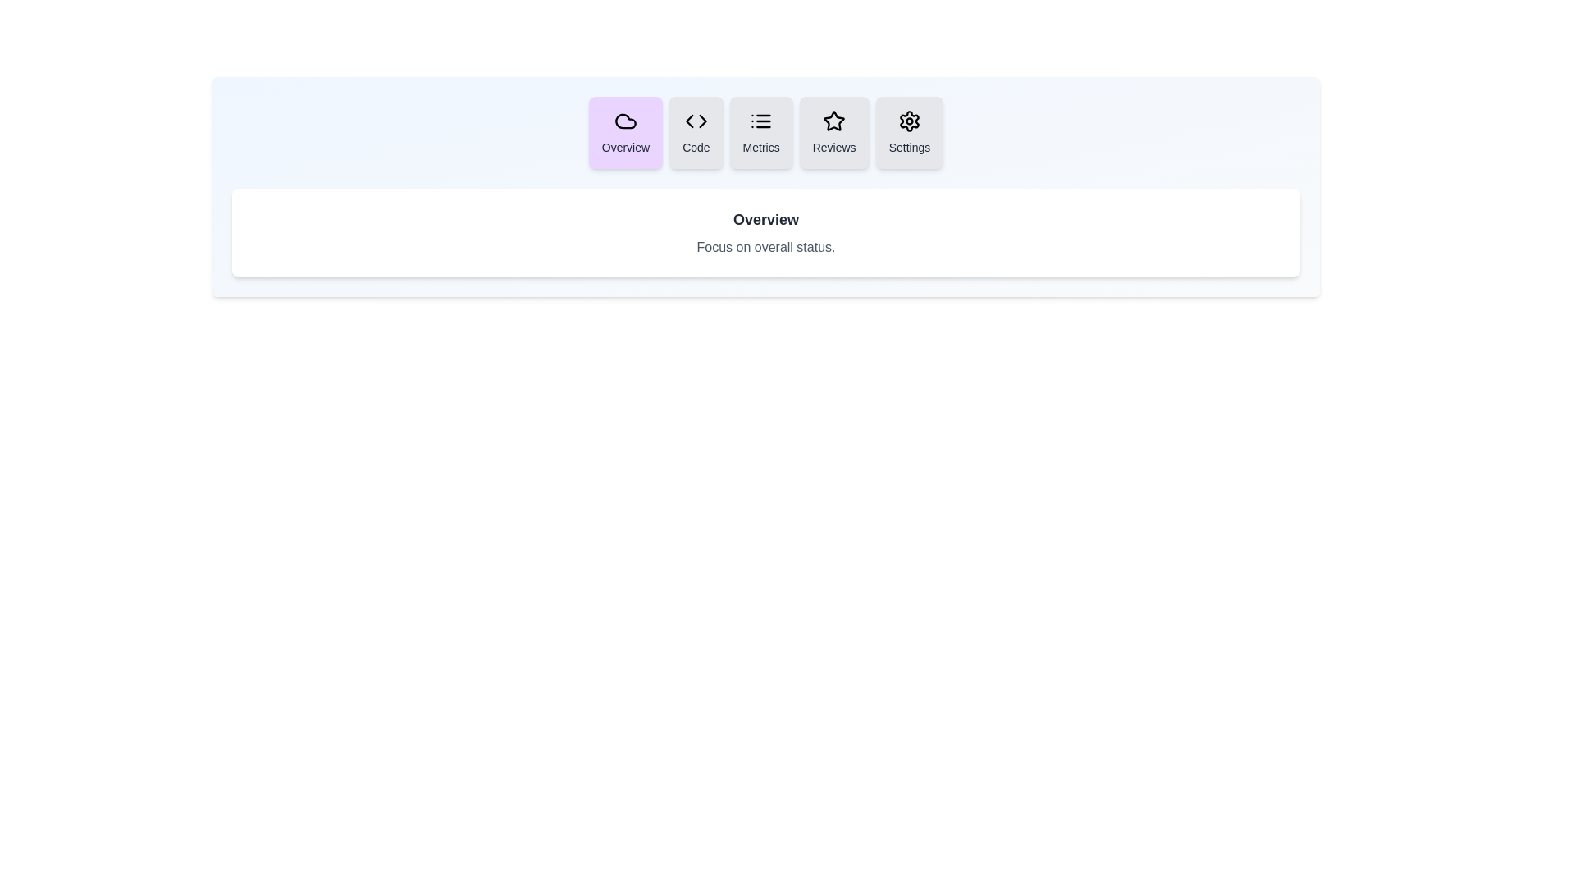 This screenshot has width=1575, height=886. I want to click on the tab labeled Metrics, so click(760, 132).